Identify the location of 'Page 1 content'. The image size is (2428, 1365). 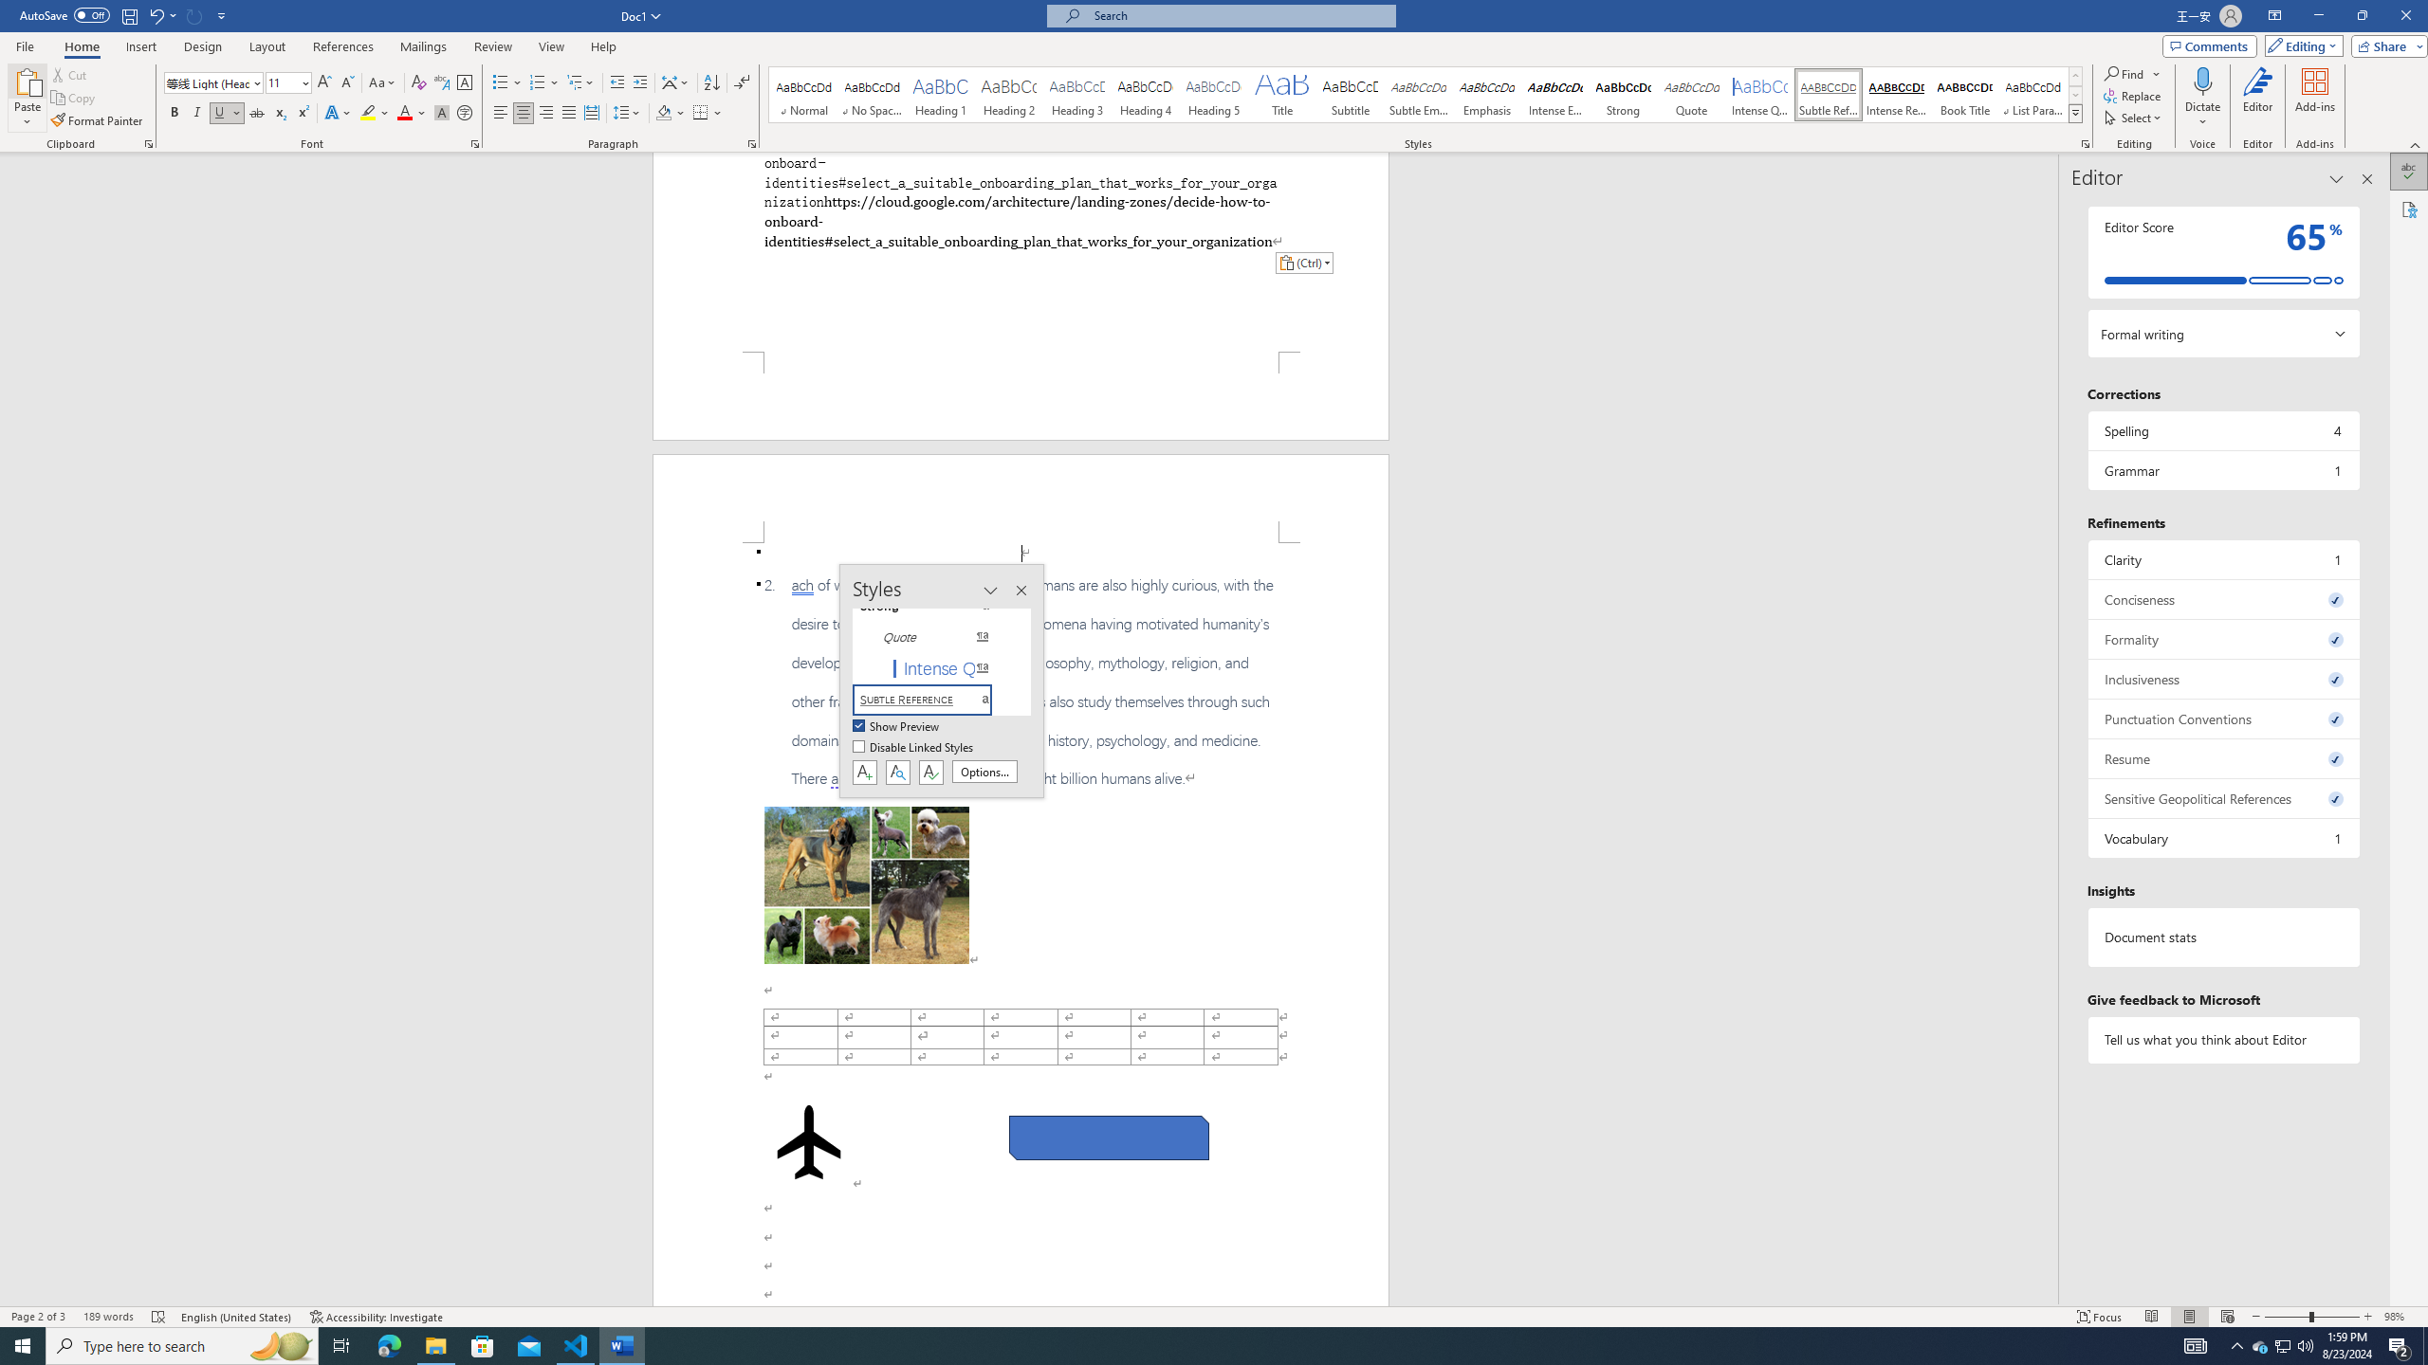
(1021, 251).